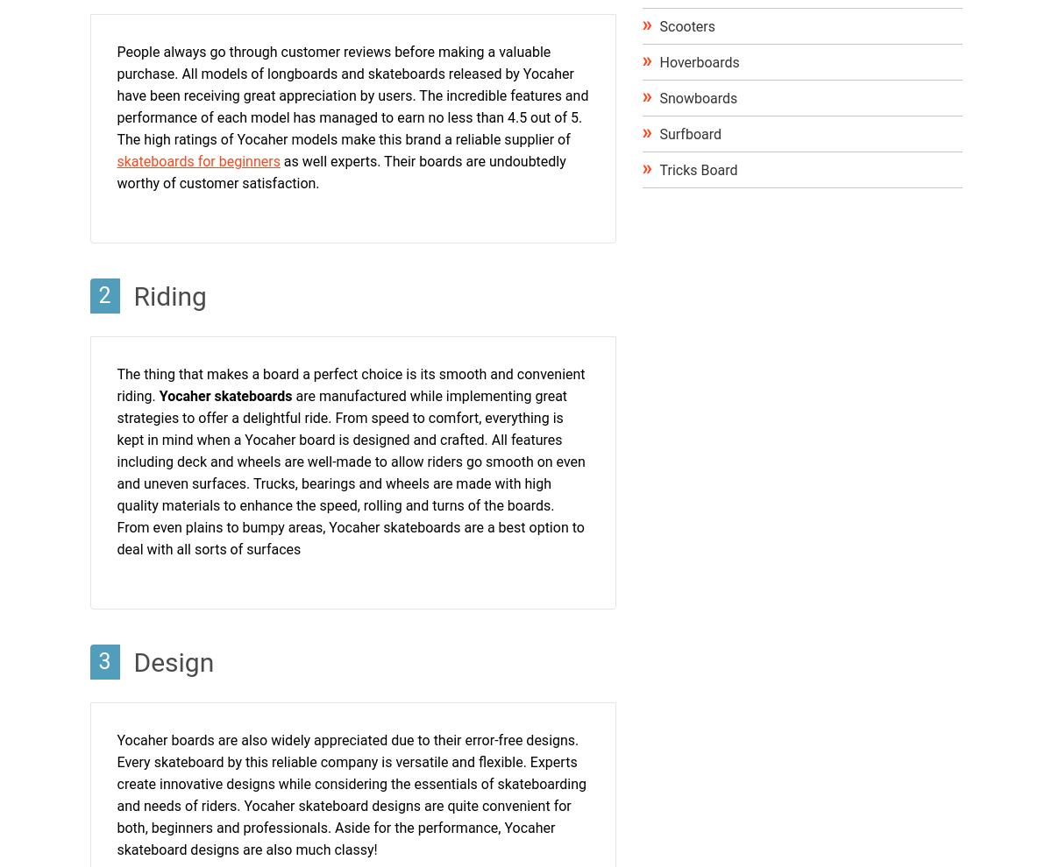 This screenshot has height=867, width=1052. What do you see at coordinates (173, 662) in the screenshot?
I see `'Design'` at bounding box center [173, 662].